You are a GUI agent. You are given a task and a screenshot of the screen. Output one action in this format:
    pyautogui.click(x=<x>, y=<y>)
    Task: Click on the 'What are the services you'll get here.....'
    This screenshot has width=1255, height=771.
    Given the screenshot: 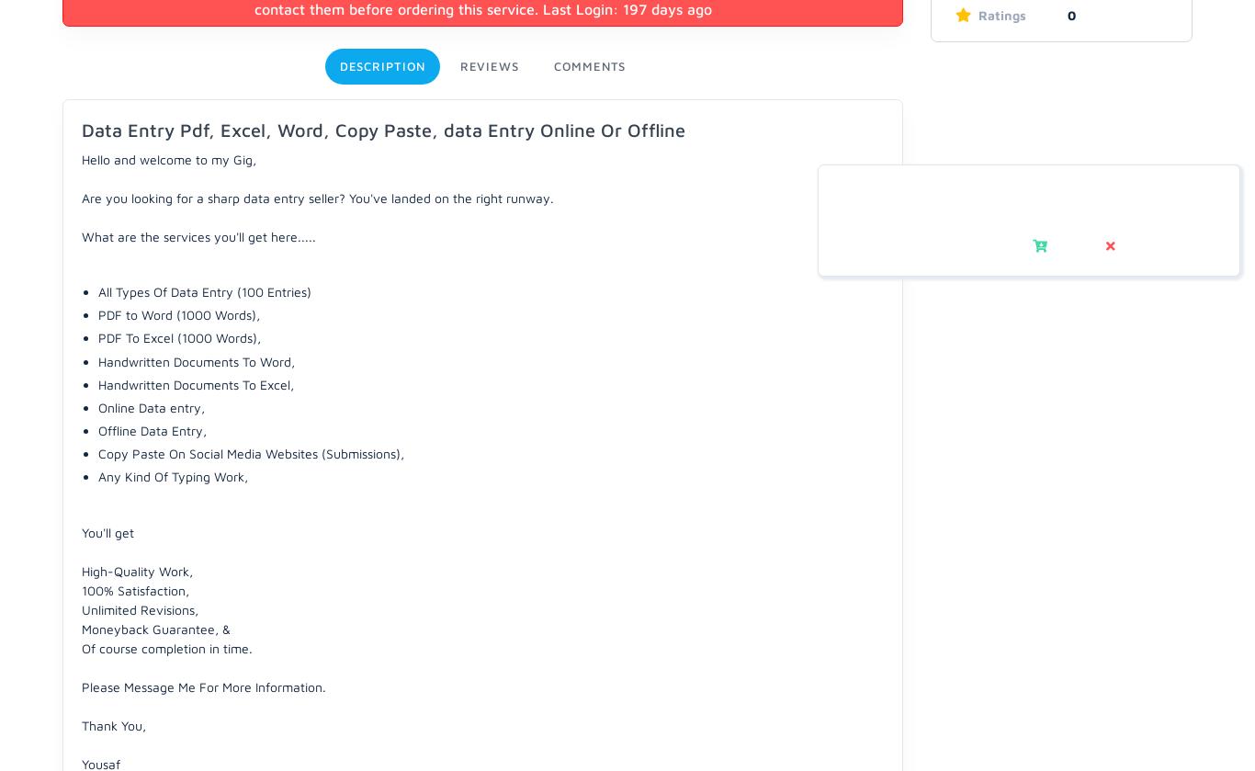 What is the action you would take?
    pyautogui.click(x=198, y=235)
    